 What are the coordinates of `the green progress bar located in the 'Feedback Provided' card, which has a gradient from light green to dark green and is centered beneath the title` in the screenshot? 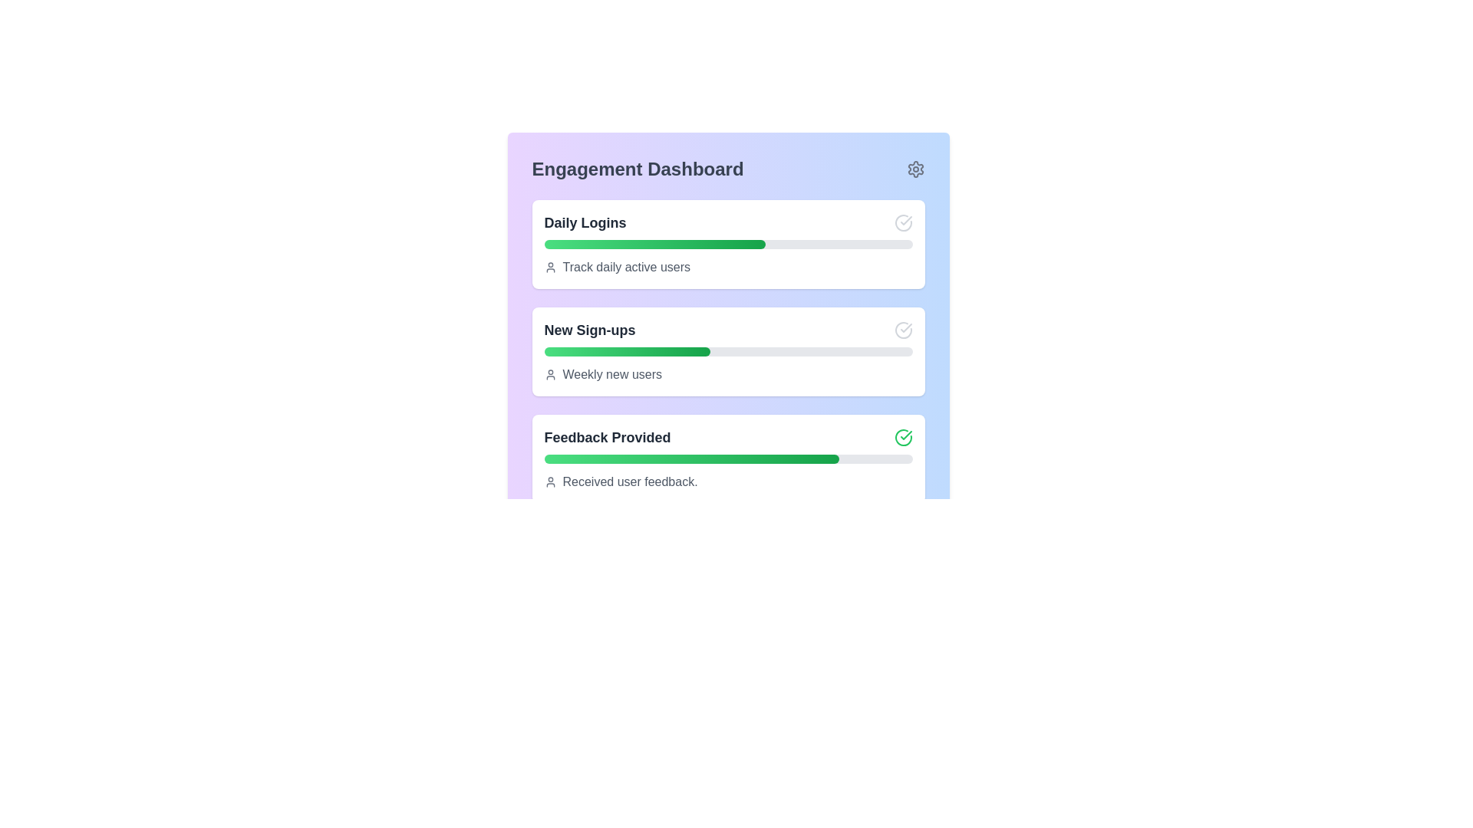 It's located at (690, 458).